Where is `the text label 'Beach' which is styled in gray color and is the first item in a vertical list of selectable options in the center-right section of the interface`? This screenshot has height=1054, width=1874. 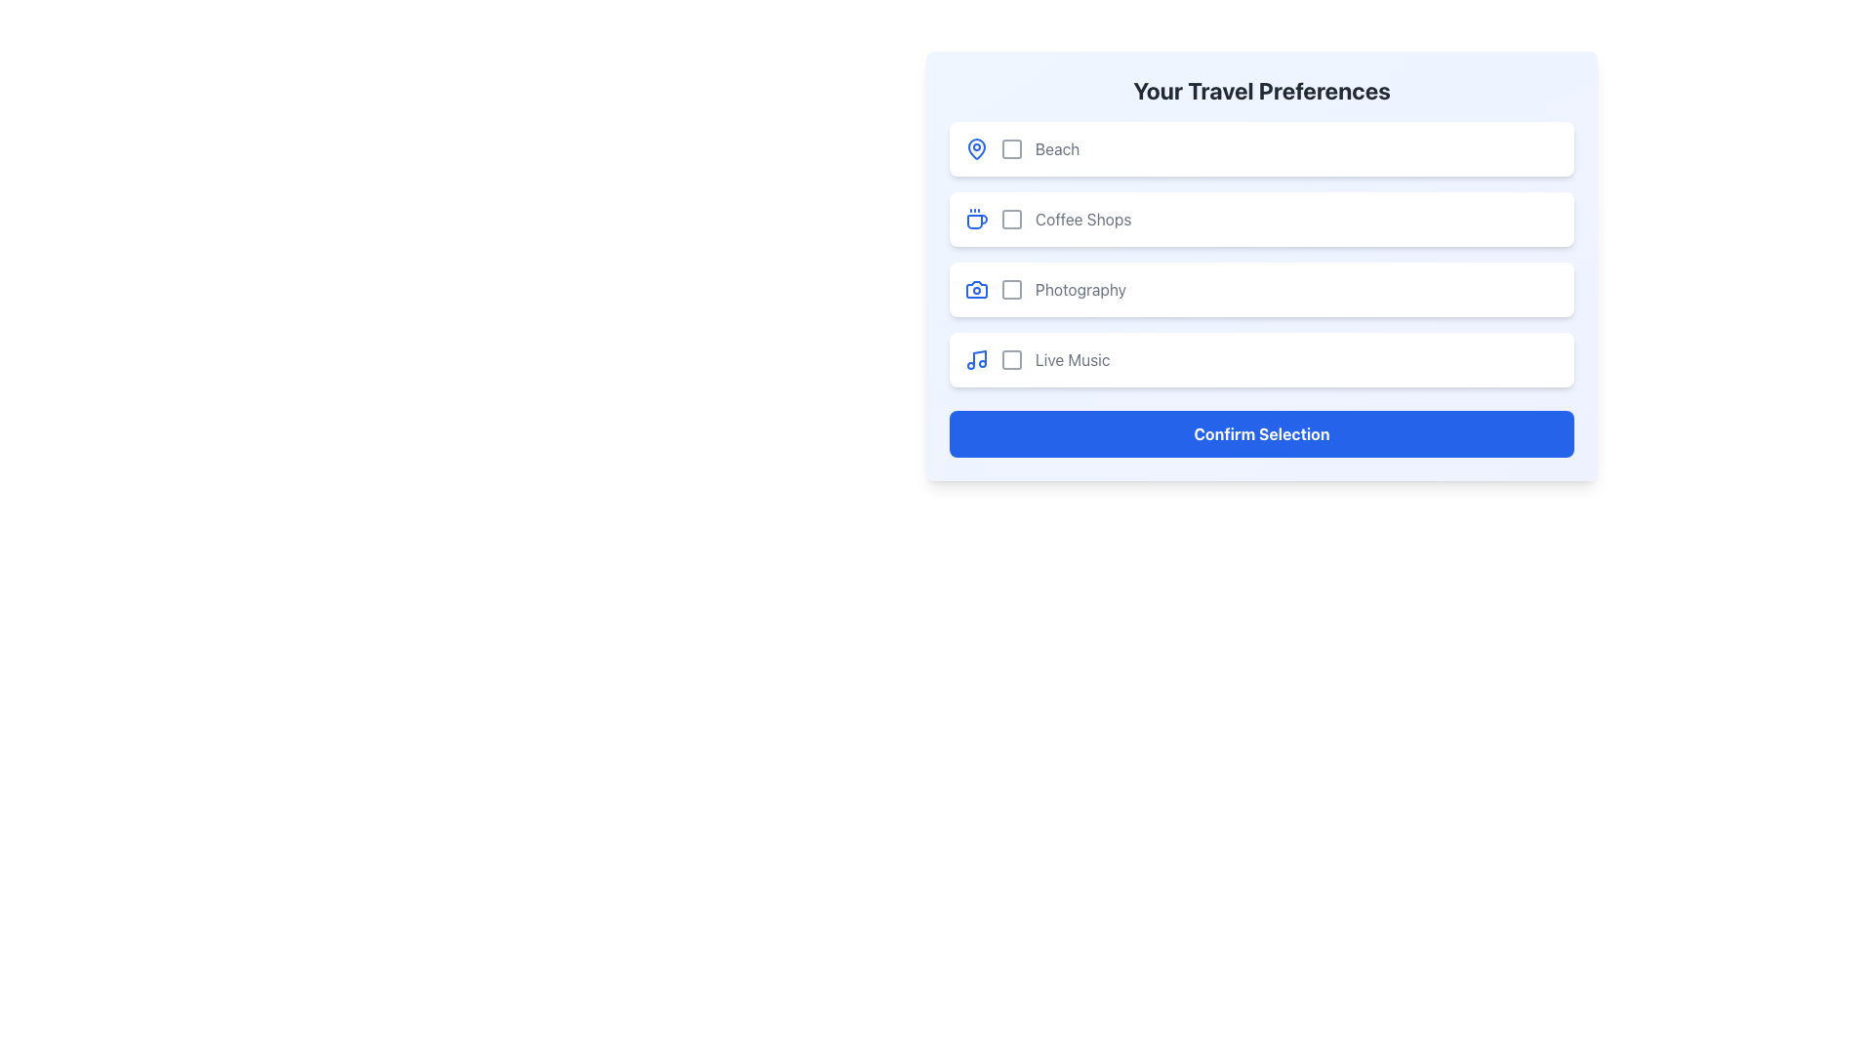 the text label 'Beach' which is styled in gray color and is the first item in a vertical list of selectable options in the center-right section of the interface is located at coordinates (1056, 148).